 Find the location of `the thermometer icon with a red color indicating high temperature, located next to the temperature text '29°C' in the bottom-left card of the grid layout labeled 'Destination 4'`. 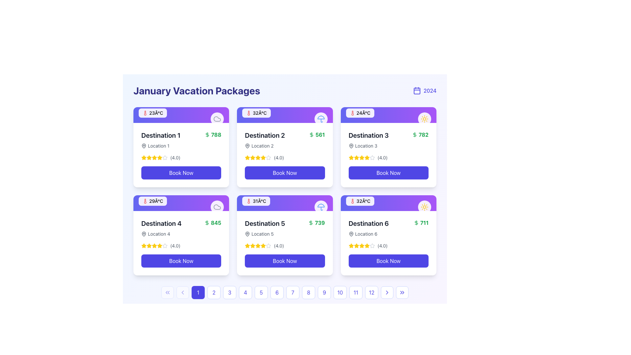

the thermometer icon with a red color indicating high temperature, located next to the temperature text '29°C' in the bottom-left card of the grid layout labeled 'Destination 4' is located at coordinates (145, 201).